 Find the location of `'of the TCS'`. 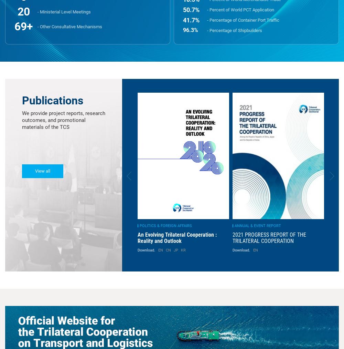

'of the TCS' is located at coordinates (57, 127).